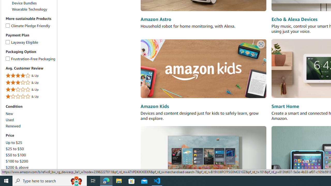 The height and width of the screenshot is (186, 331). What do you see at coordinates (9, 113) in the screenshot?
I see `'New'` at bounding box center [9, 113].